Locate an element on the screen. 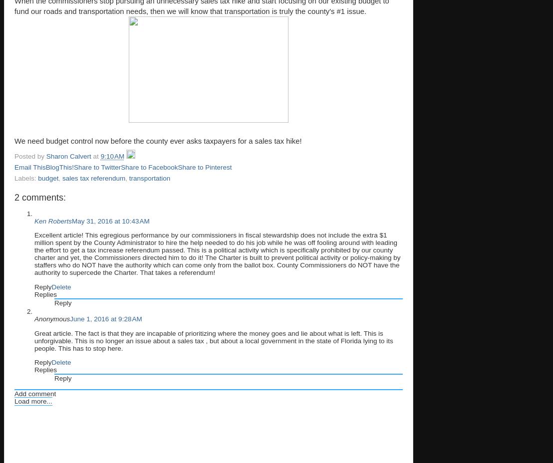  'budget' is located at coordinates (48, 178).